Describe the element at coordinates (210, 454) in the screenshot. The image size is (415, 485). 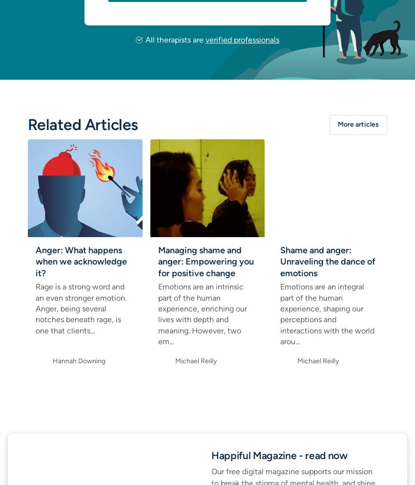
I see `'Happiful Magazine - read now'` at that location.